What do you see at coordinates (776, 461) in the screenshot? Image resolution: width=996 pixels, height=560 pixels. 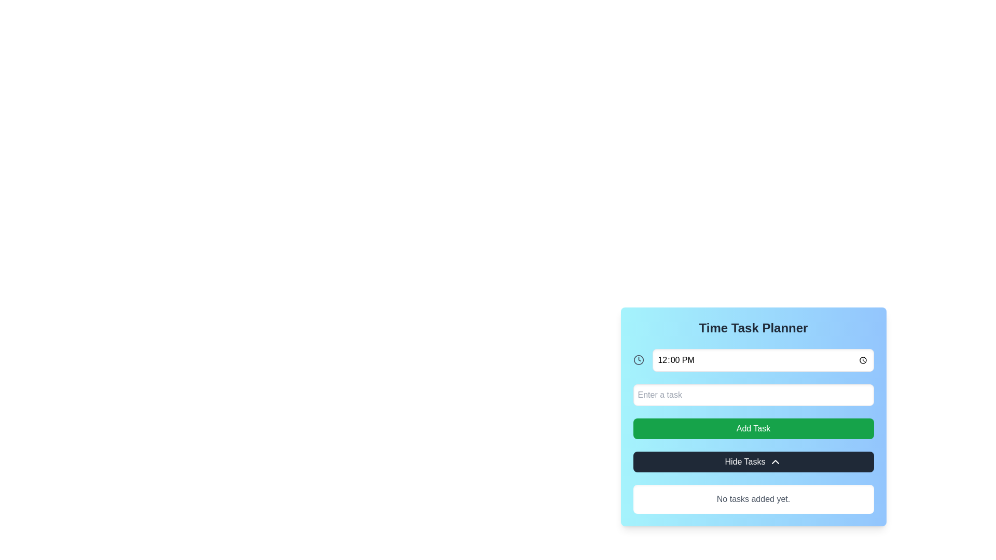 I see `the icon or indicator that indicates the possibility of collapsing or hiding tasks within the 'Hide Tasks' button in the 'Time Task Planner' section` at bounding box center [776, 461].